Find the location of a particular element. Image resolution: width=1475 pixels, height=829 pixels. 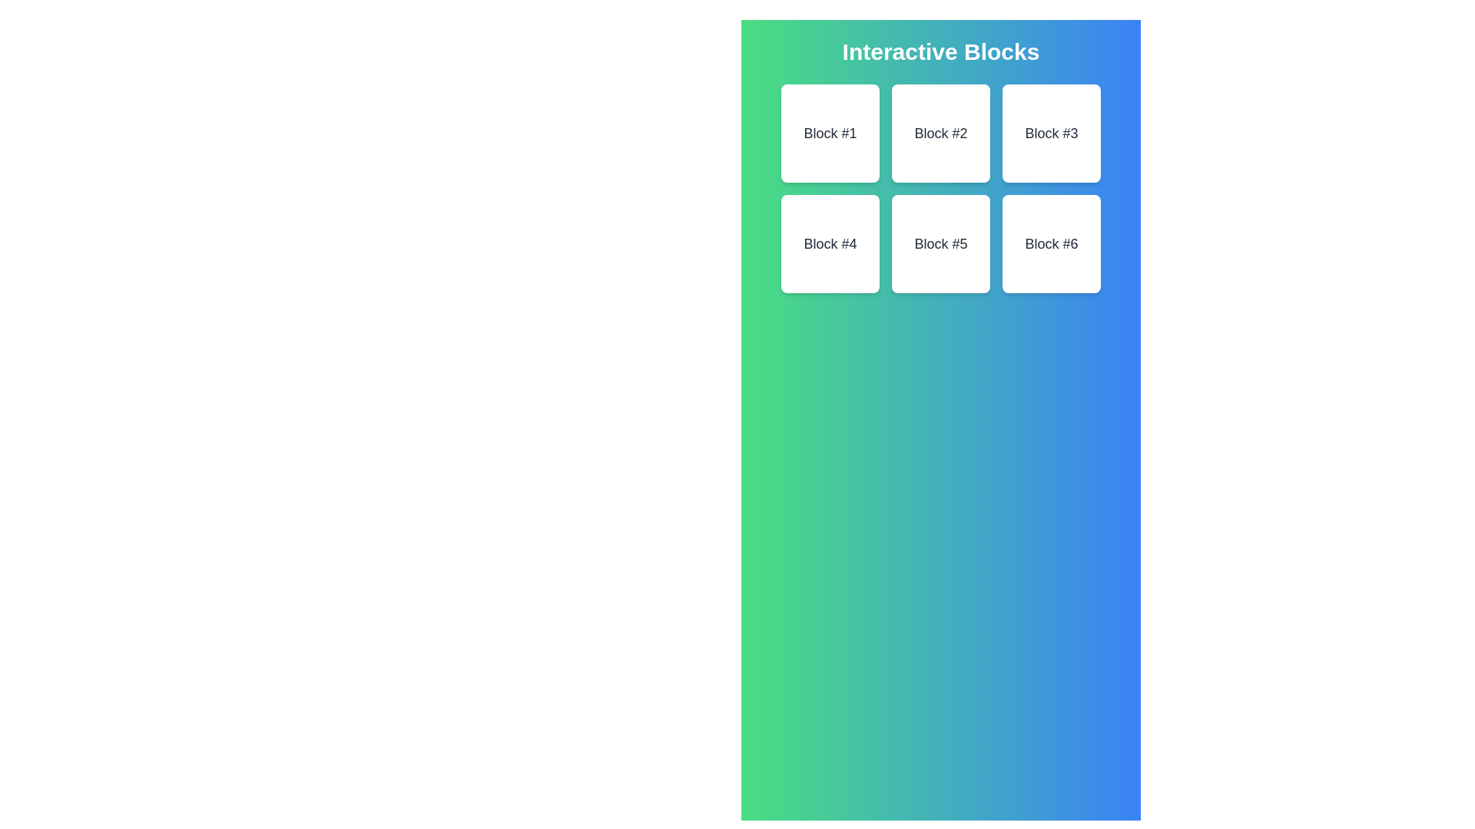

the square-shaped interactive area labeled 'Block #1' with a white background and rounded corners, located in the top-left corner of the grid is located at coordinates (829, 132).